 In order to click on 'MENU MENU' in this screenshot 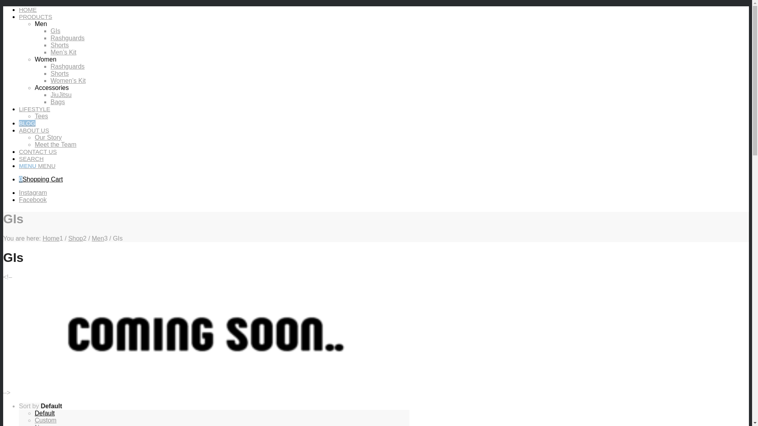, I will do `click(37, 165)`.